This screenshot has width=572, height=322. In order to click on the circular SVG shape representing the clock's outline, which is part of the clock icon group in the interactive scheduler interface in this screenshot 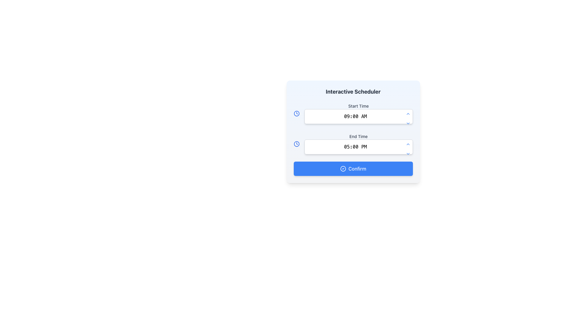, I will do `click(296, 114)`.